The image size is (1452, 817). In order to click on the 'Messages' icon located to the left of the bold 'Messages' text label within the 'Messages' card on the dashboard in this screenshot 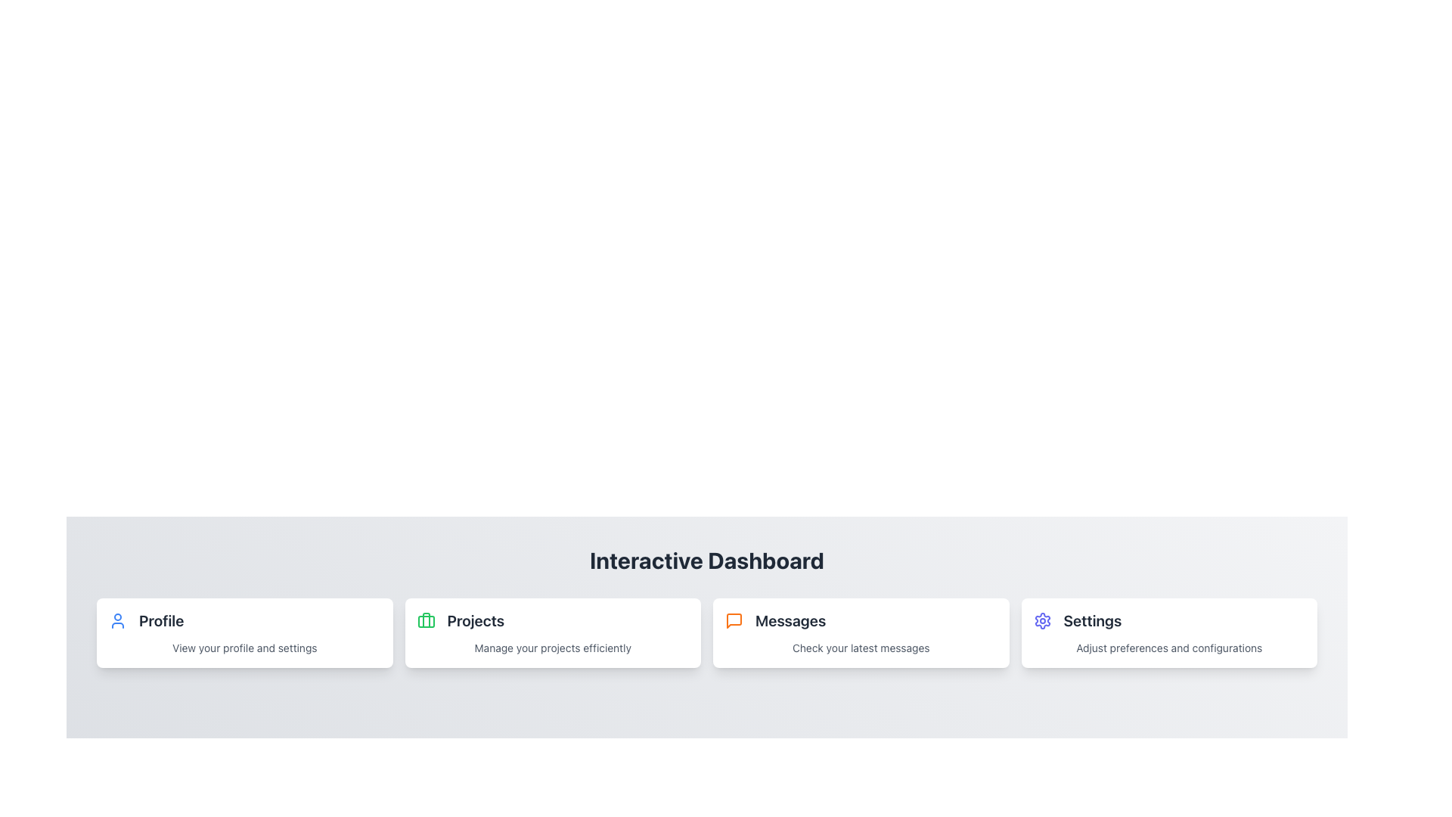, I will do `click(734, 621)`.